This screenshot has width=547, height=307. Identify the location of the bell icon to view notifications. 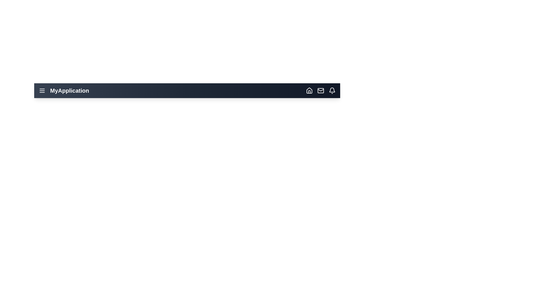
(332, 90).